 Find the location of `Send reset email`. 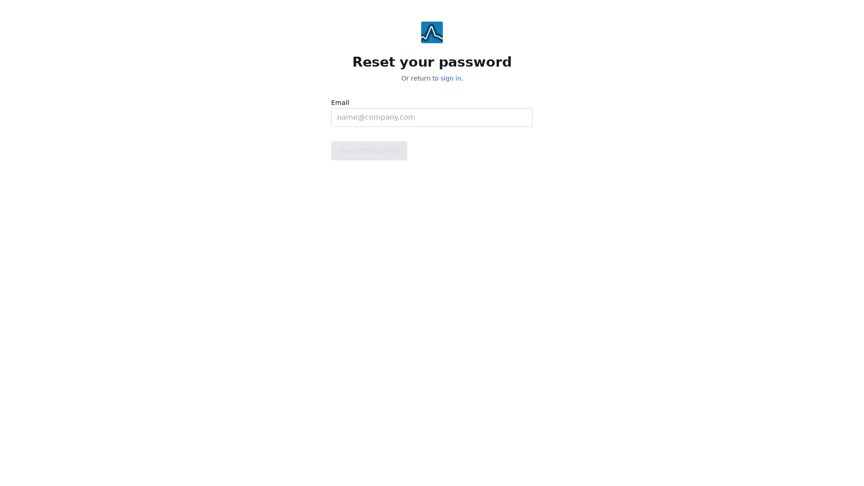

Send reset email is located at coordinates (369, 150).